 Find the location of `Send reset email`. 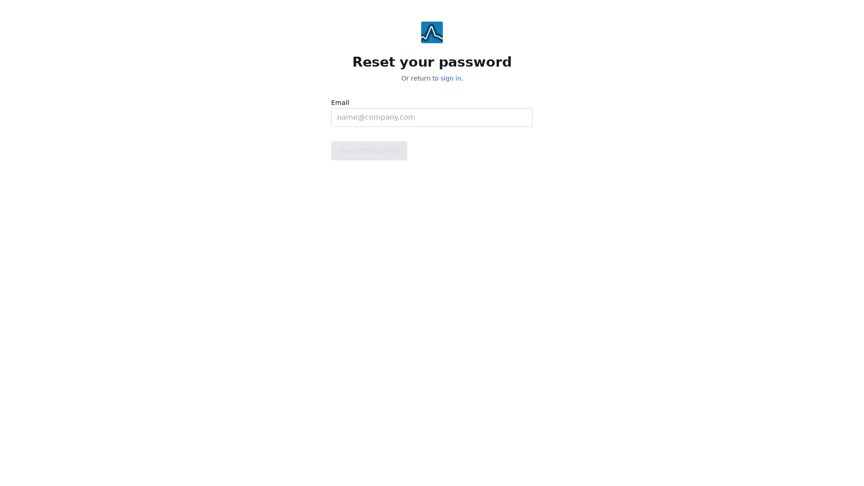

Send reset email is located at coordinates (369, 150).